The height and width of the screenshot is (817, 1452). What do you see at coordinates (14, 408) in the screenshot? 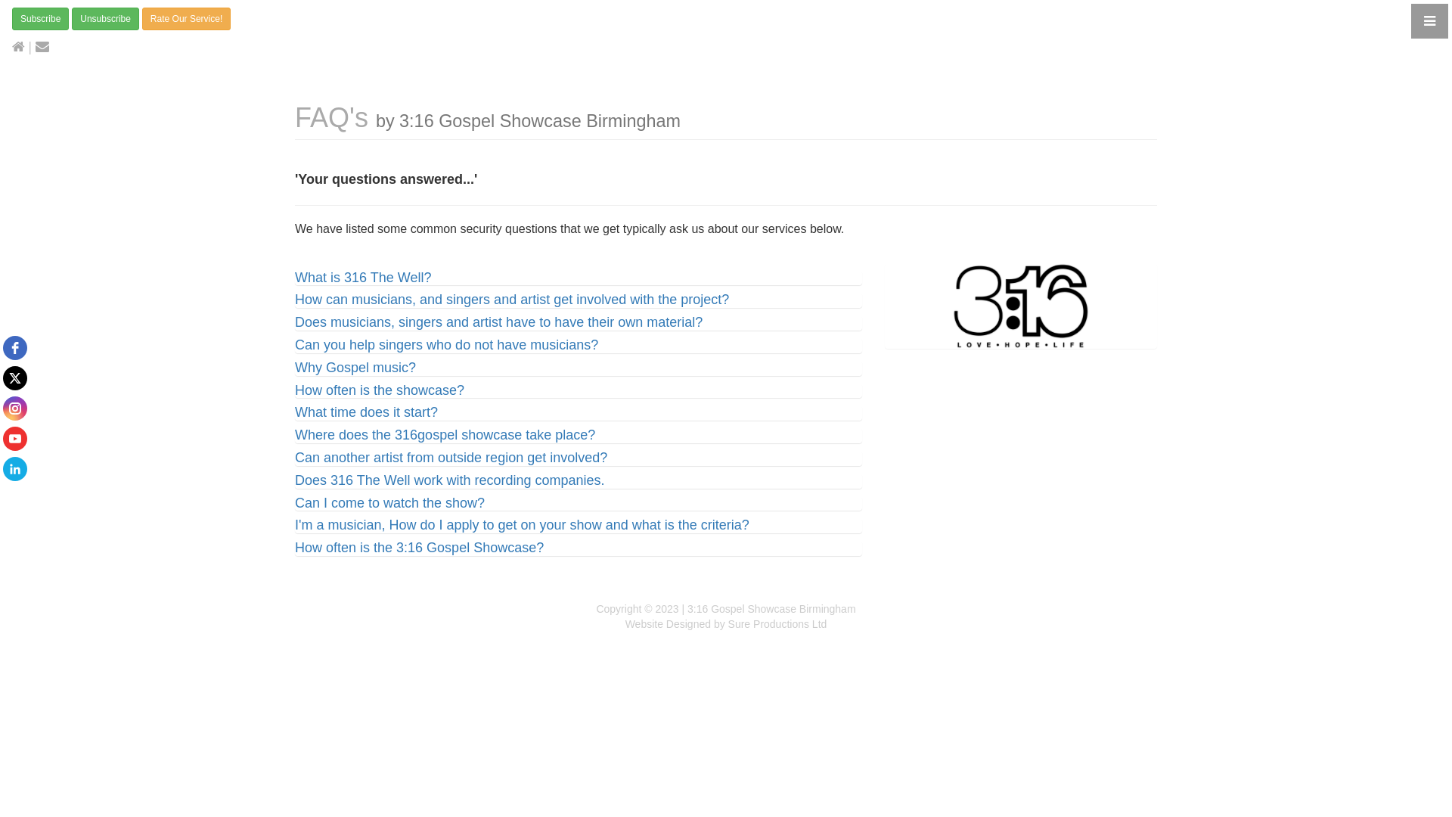
I see `'Instagram'` at bounding box center [14, 408].